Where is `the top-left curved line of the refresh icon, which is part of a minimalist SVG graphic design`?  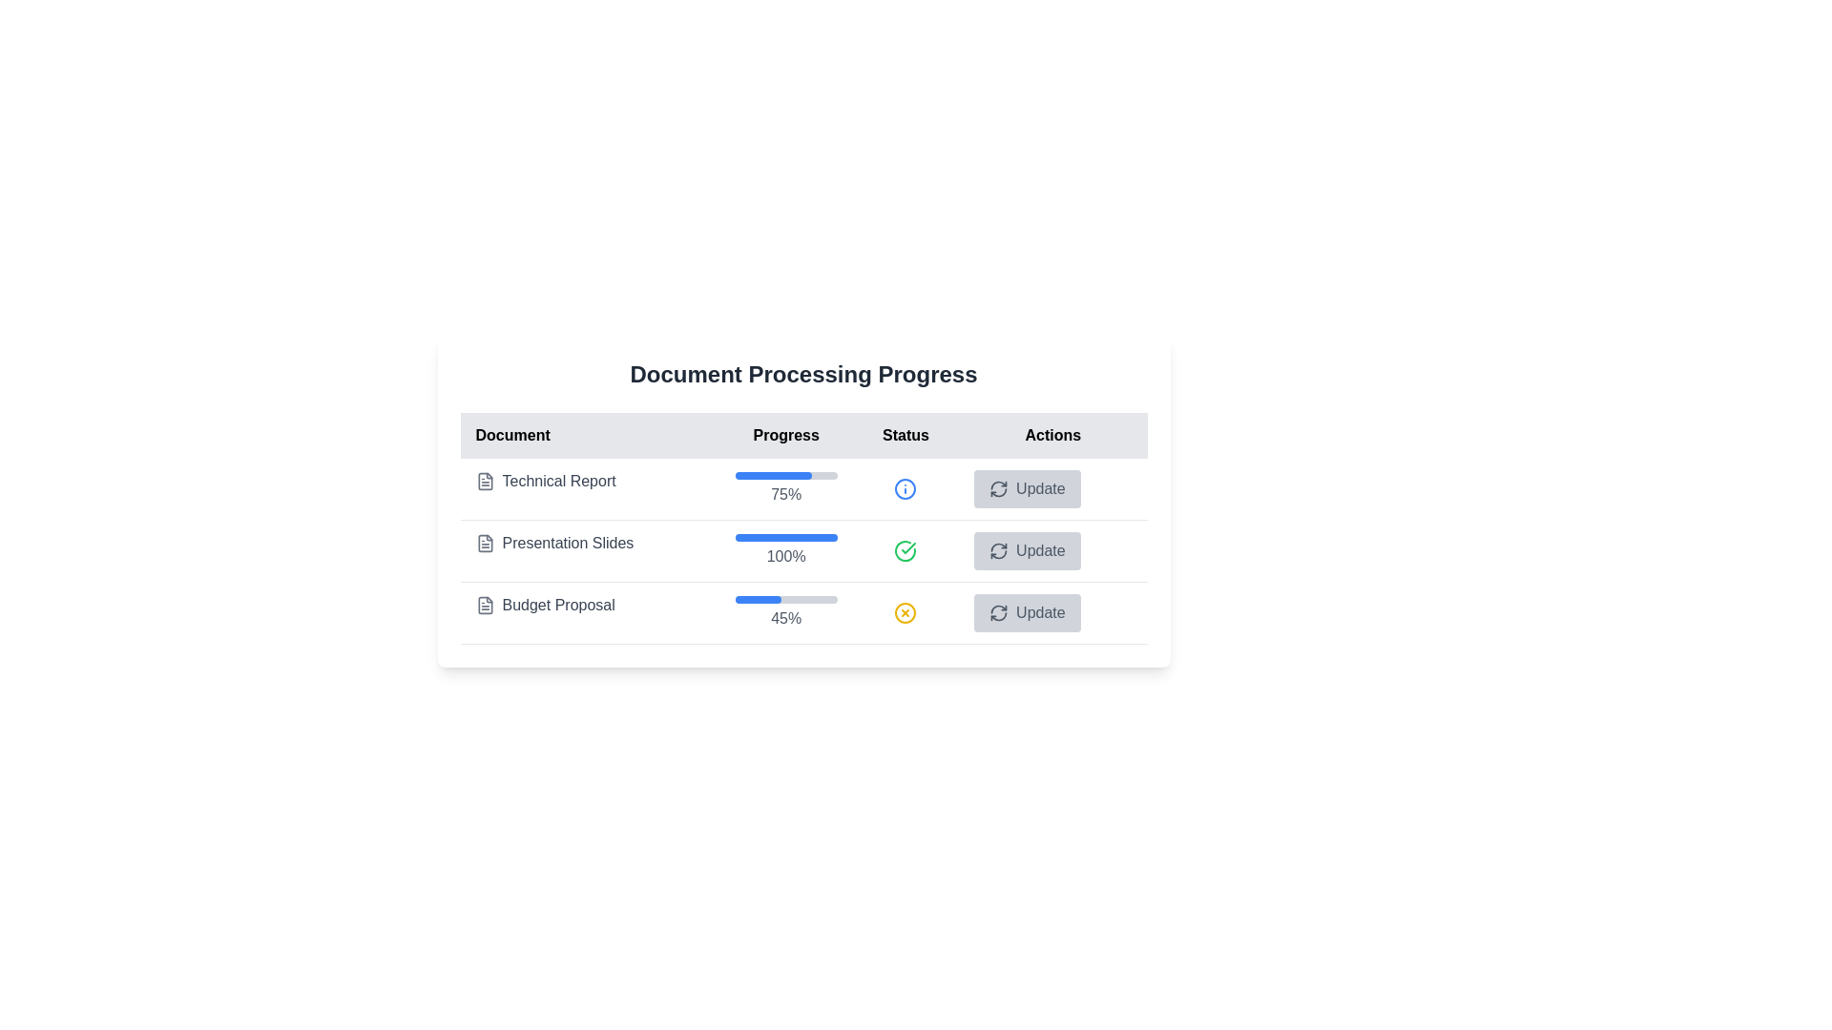 the top-left curved line of the refresh icon, which is part of a minimalist SVG graphic design is located at coordinates (998, 484).